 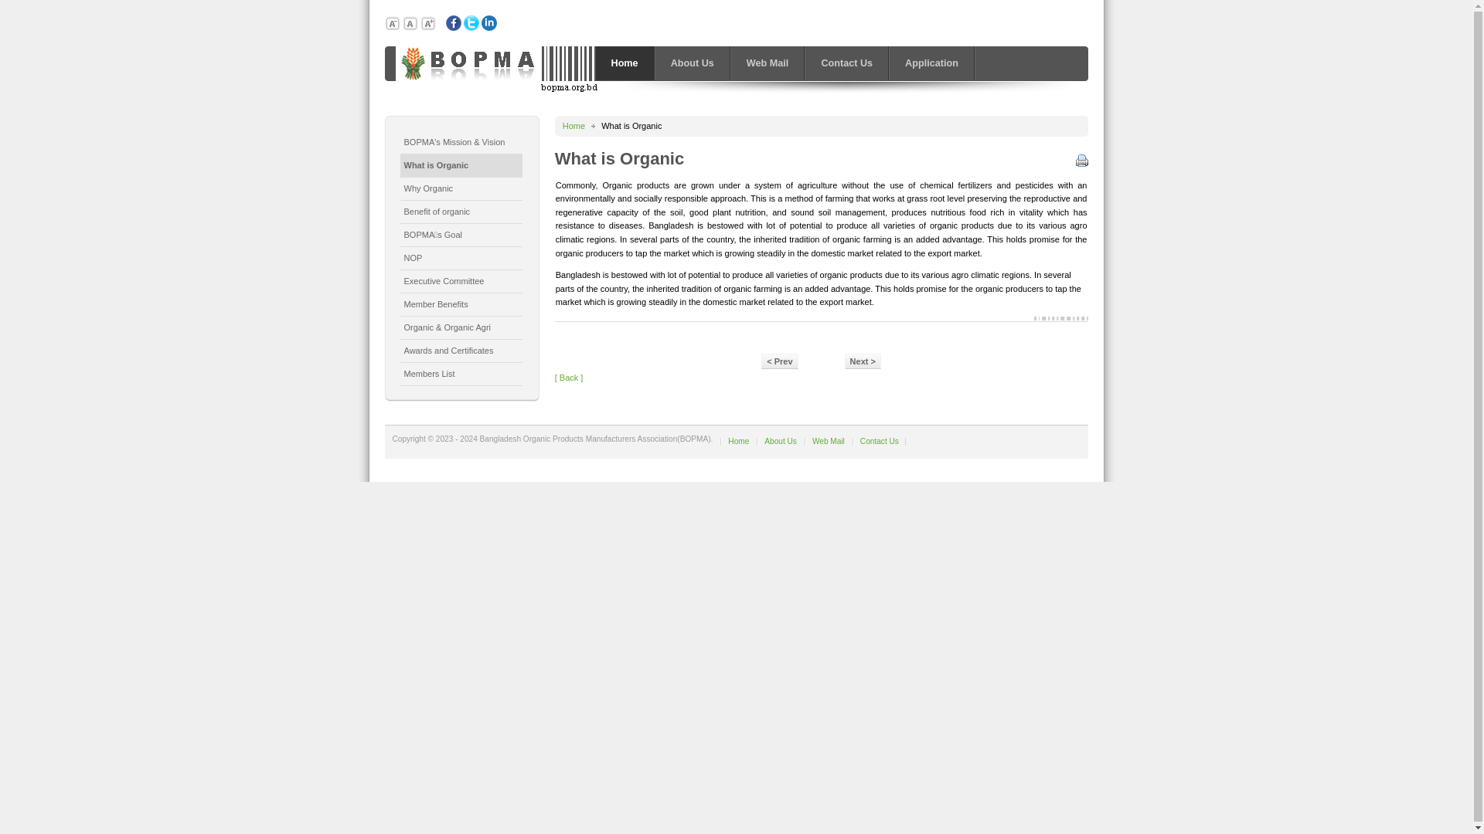 What do you see at coordinates (461, 351) in the screenshot?
I see `'Awards and Certificates'` at bounding box center [461, 351].